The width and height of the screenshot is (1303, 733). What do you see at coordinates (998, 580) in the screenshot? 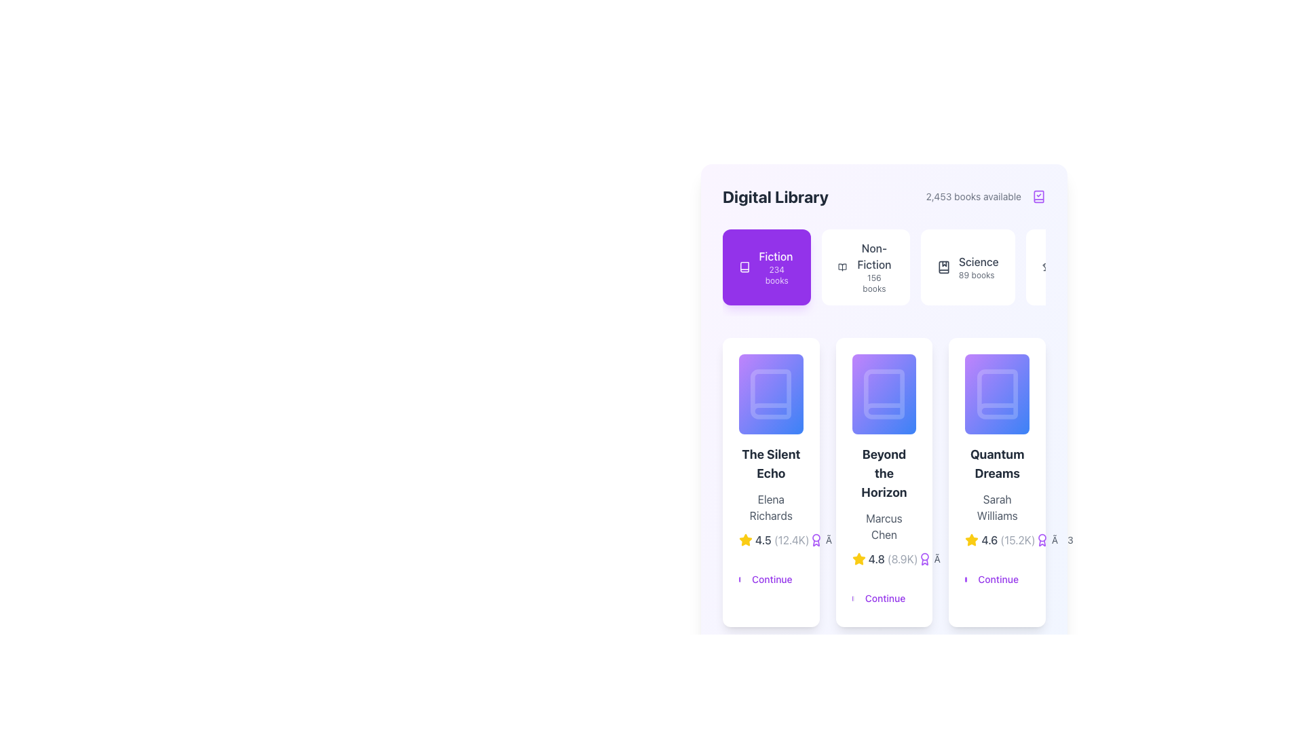
I see `the interactive text labeled 'Continue', styled in purple on a white background, located at the bottom right of the 'Quantum Dreams' content card, which is the third button from the left among similar buttons` at bounding box center [998, 580].